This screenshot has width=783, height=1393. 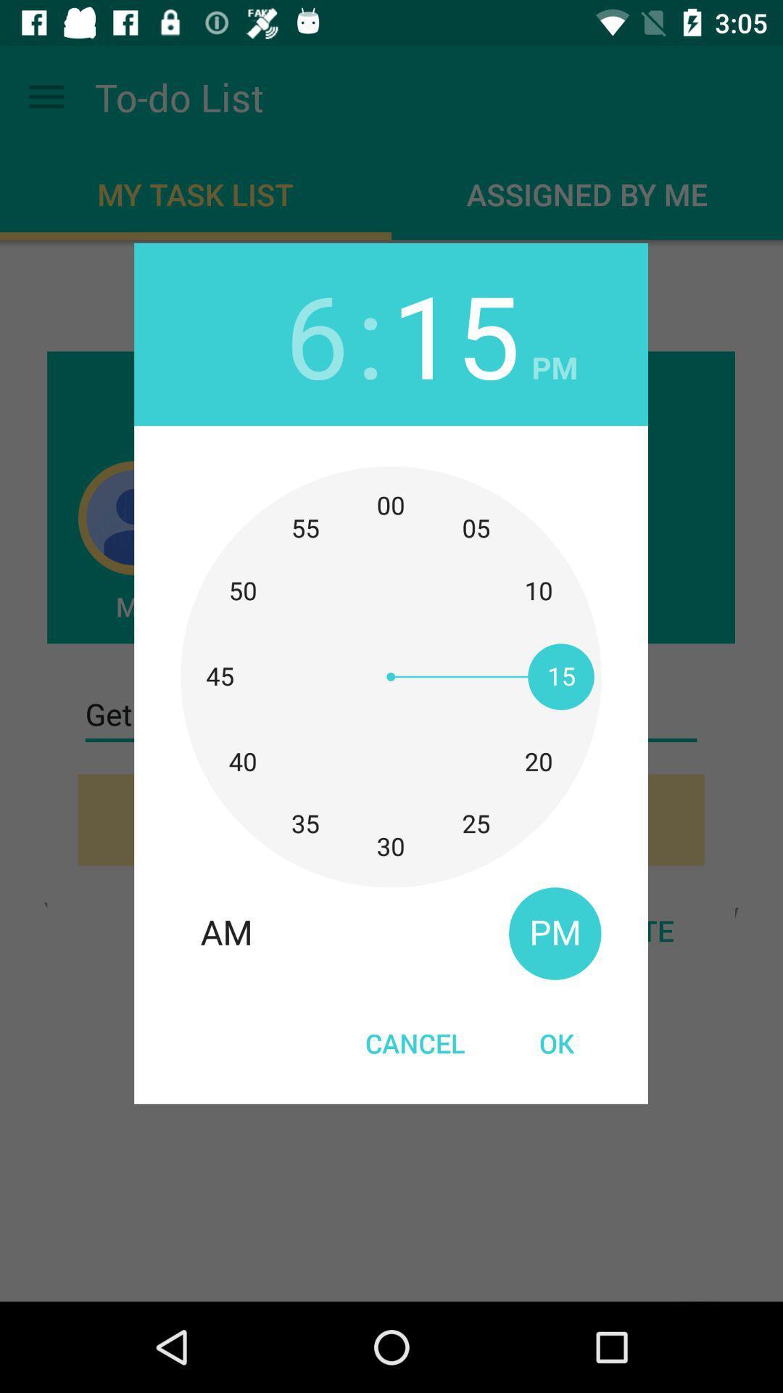 What do you see at coordinates (455, 333) in the screenshot?
I see `item next to the : item` at bounding box center [455, 333].